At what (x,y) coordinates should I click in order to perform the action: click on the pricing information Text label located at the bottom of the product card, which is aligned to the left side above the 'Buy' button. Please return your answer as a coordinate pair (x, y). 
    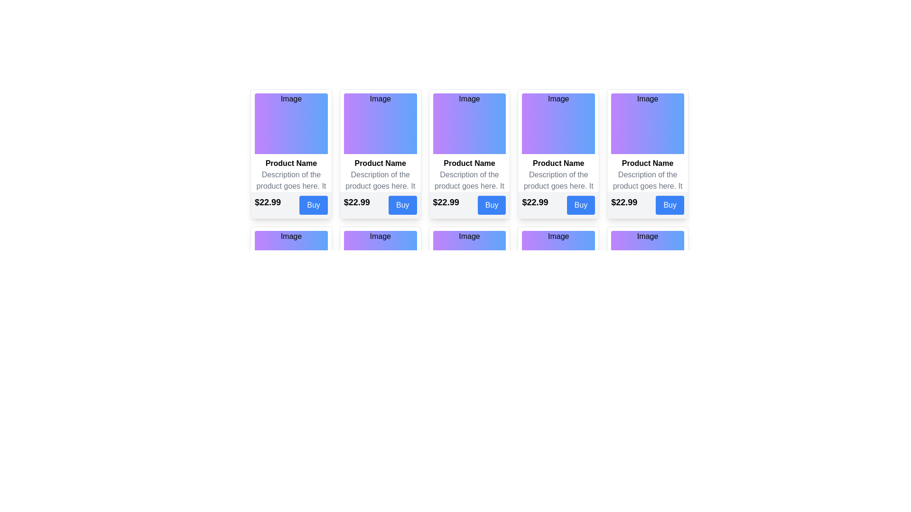
    Looking at the image, I should click on (267, 204).